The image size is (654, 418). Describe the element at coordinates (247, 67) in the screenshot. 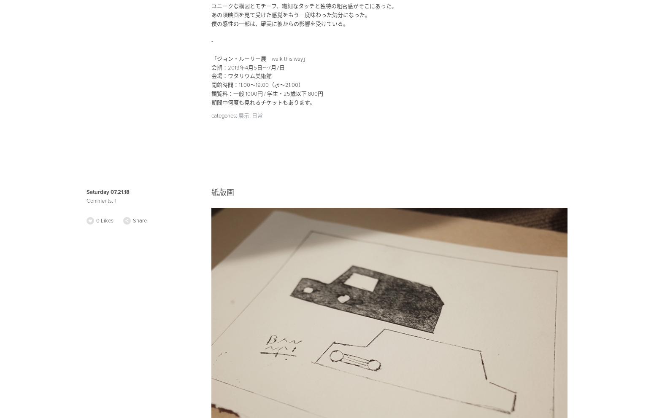

I see `'会期：2019年4月5日～7月7日'` at that location.